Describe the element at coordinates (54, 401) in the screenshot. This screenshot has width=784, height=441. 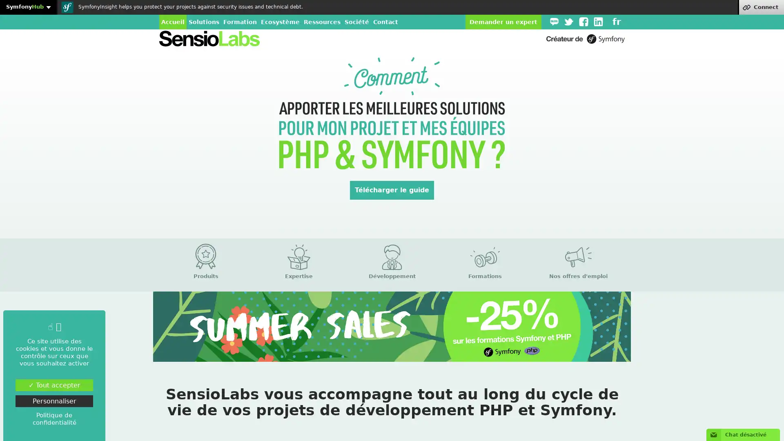
I see `Personnaliser` at that location.